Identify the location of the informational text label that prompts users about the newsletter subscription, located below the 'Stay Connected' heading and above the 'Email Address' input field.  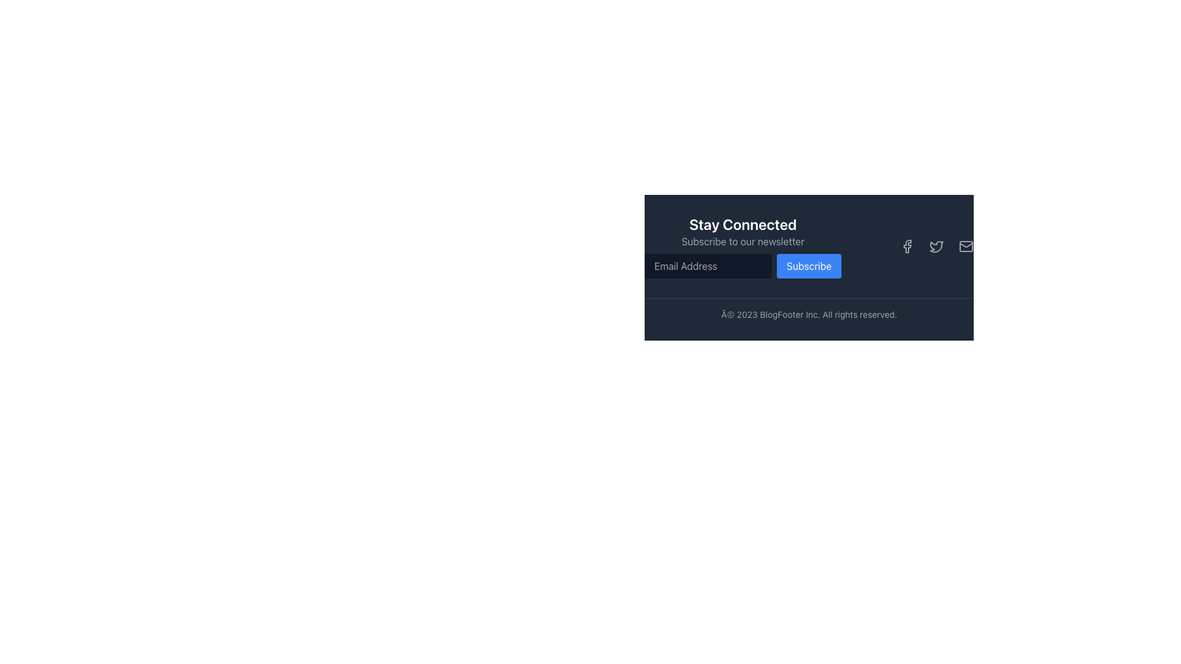
(742, 242).